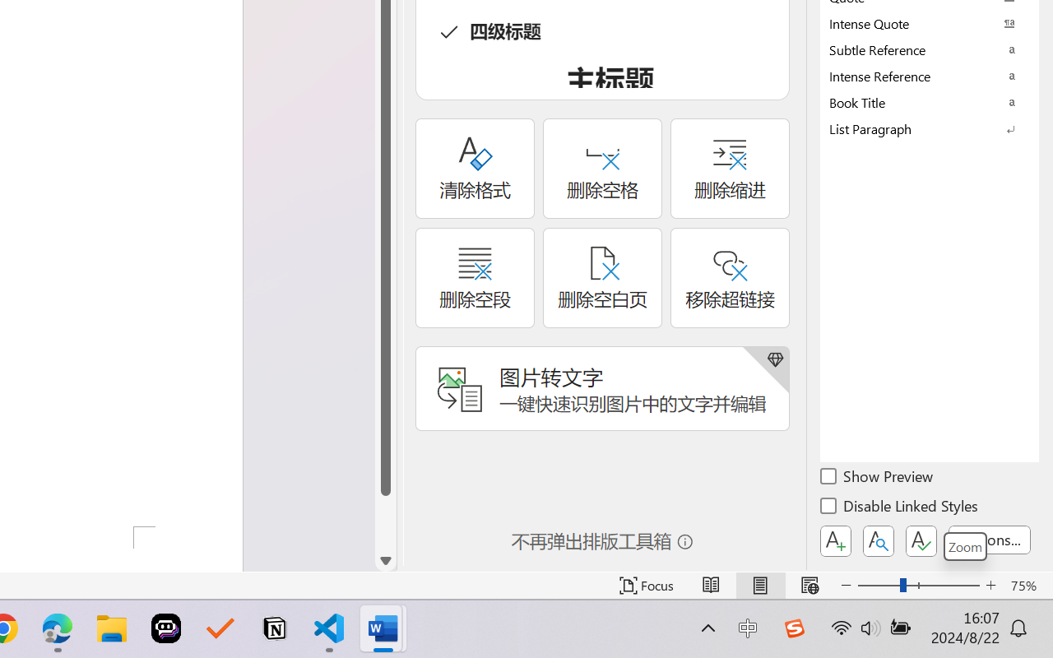  Describe the element at coordinates (809, 585) in the screenshot. I see `'Web Layout'` at that location.